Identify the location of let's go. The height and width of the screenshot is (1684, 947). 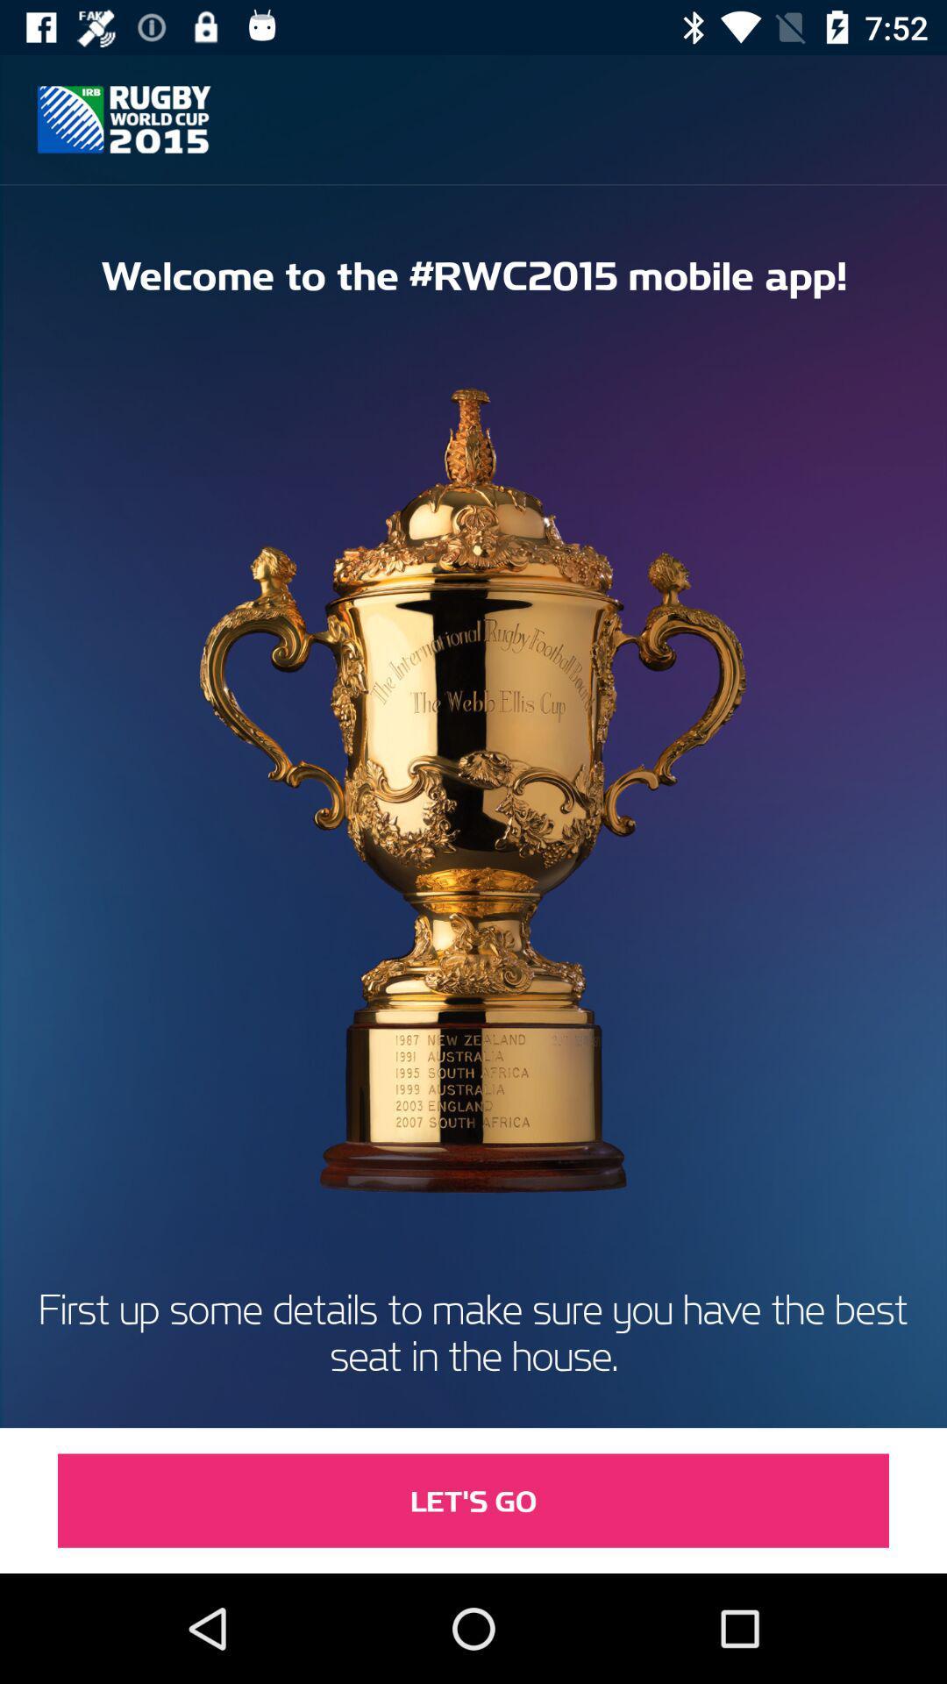
(473, 1500).